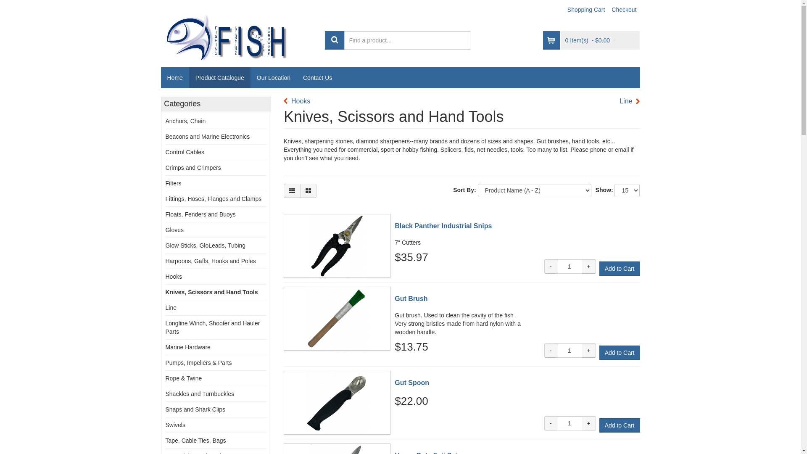  I want to click on 'Line', so click(619, 101).